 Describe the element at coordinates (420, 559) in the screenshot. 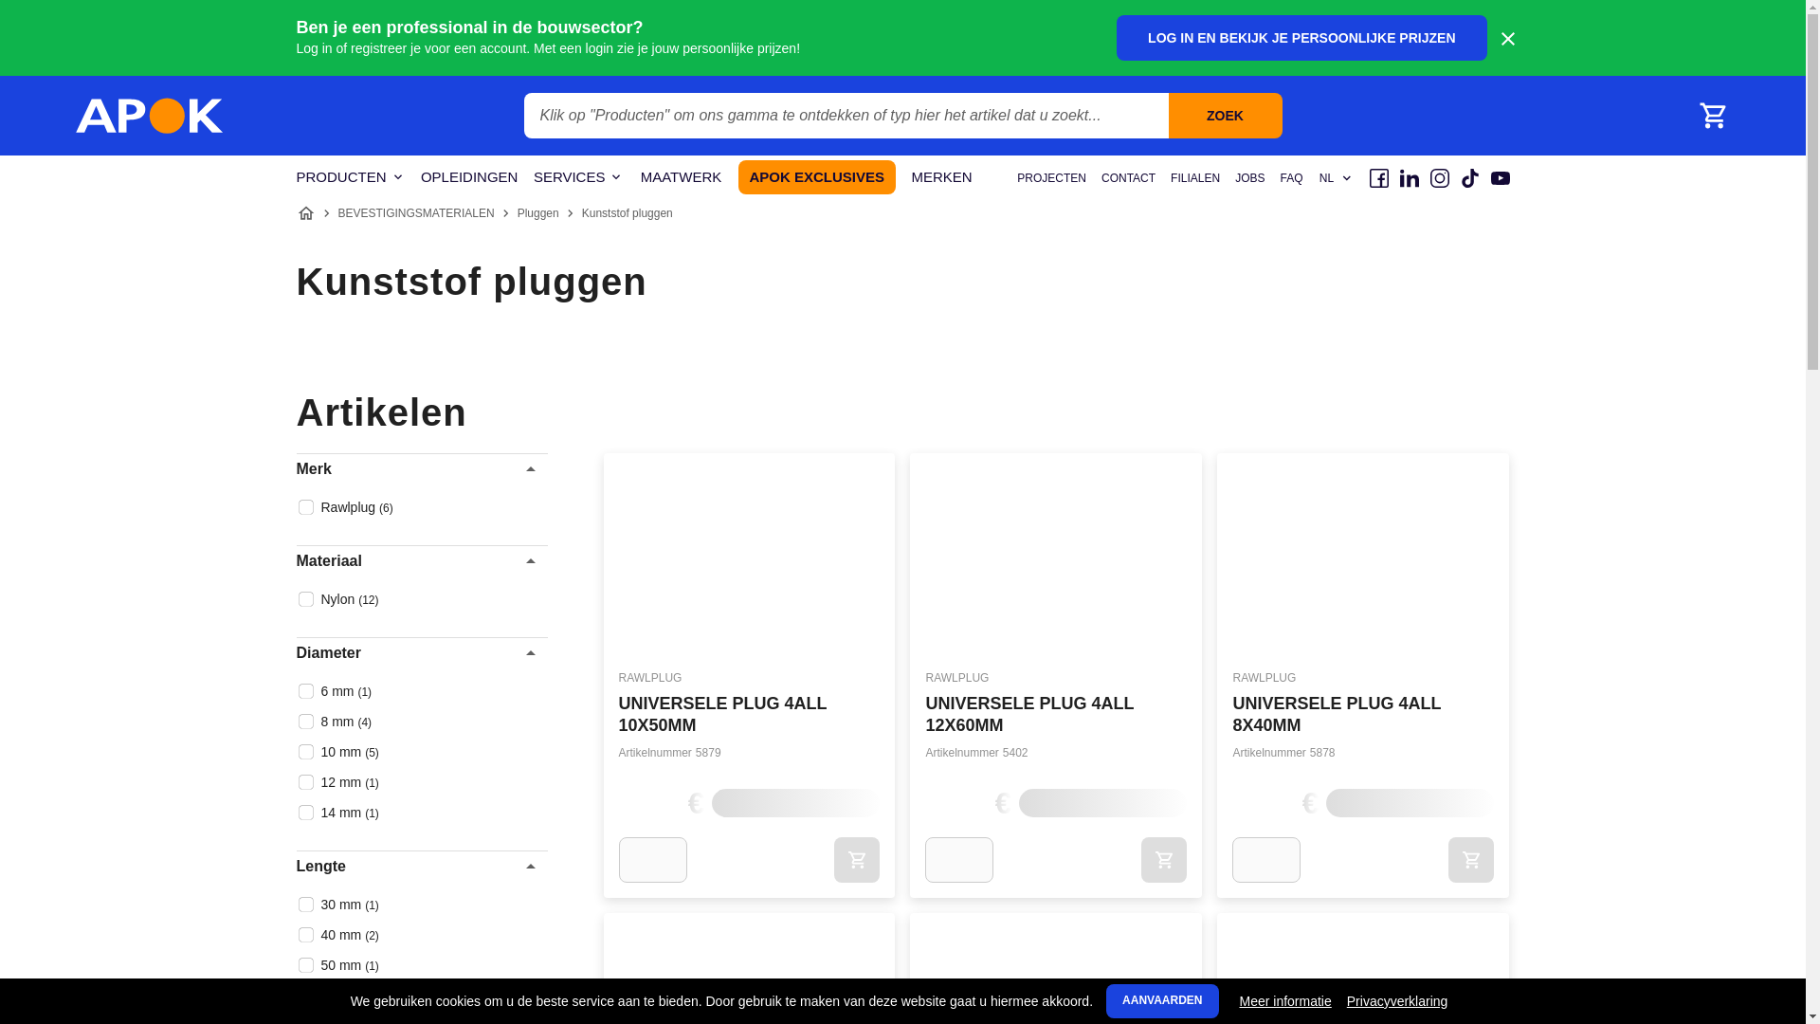

I see `'Materiaal` at that location.